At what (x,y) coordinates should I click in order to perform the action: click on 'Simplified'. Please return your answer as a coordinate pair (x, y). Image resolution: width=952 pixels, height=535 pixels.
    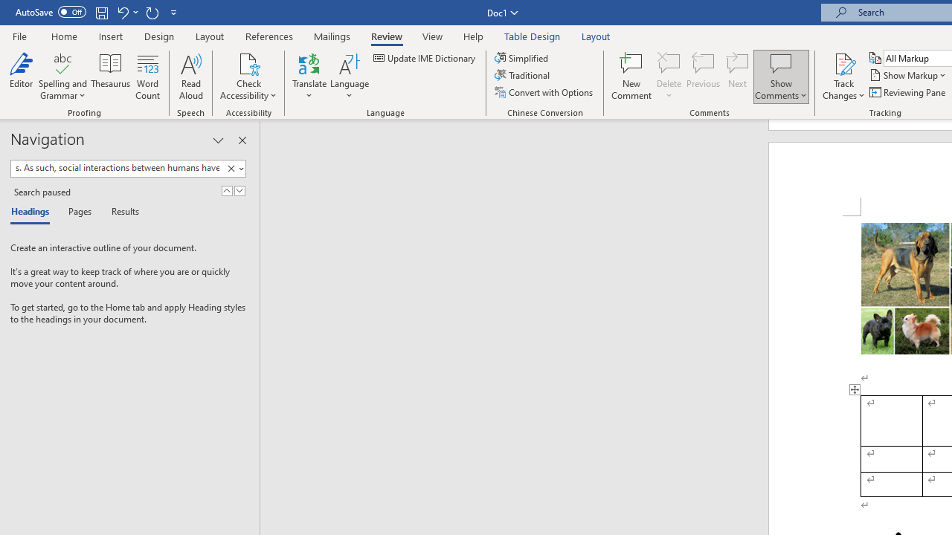
    Looking at the image, I should click on (522, 57).